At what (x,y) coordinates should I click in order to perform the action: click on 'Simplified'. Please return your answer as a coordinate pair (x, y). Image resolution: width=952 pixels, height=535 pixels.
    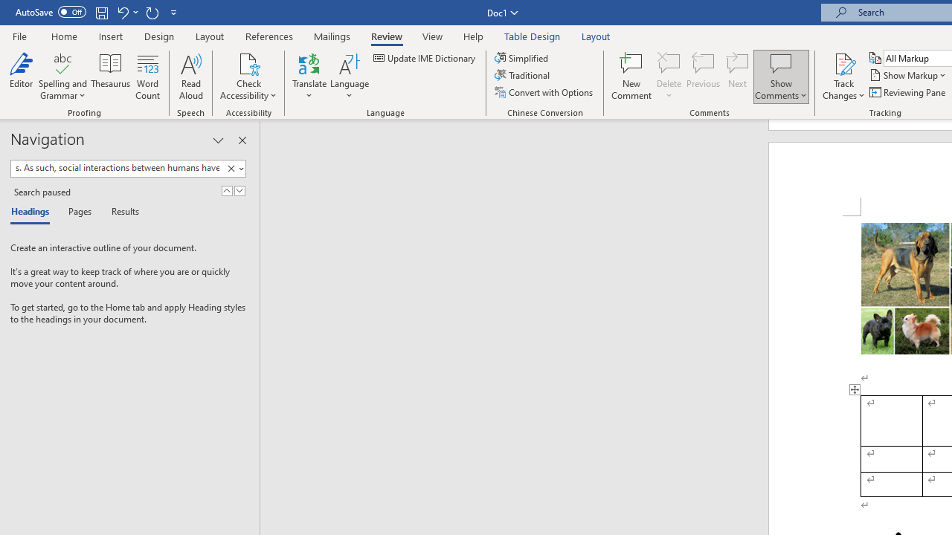
    Looking at the image, I should click on (522, 57).